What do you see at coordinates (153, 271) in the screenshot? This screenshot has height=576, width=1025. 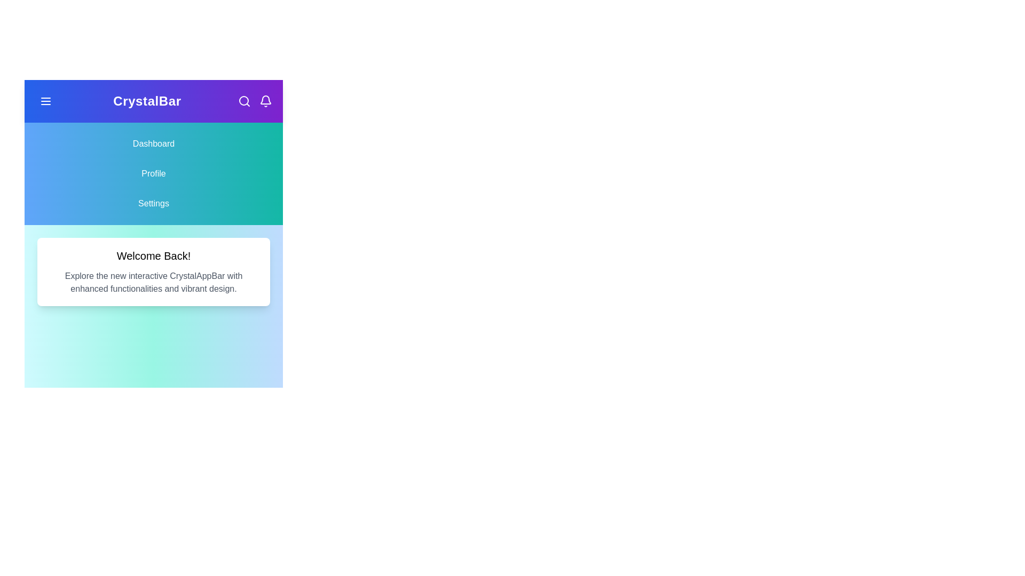 I see `the welcome message to interact with it` at bounding box center [153, 271].